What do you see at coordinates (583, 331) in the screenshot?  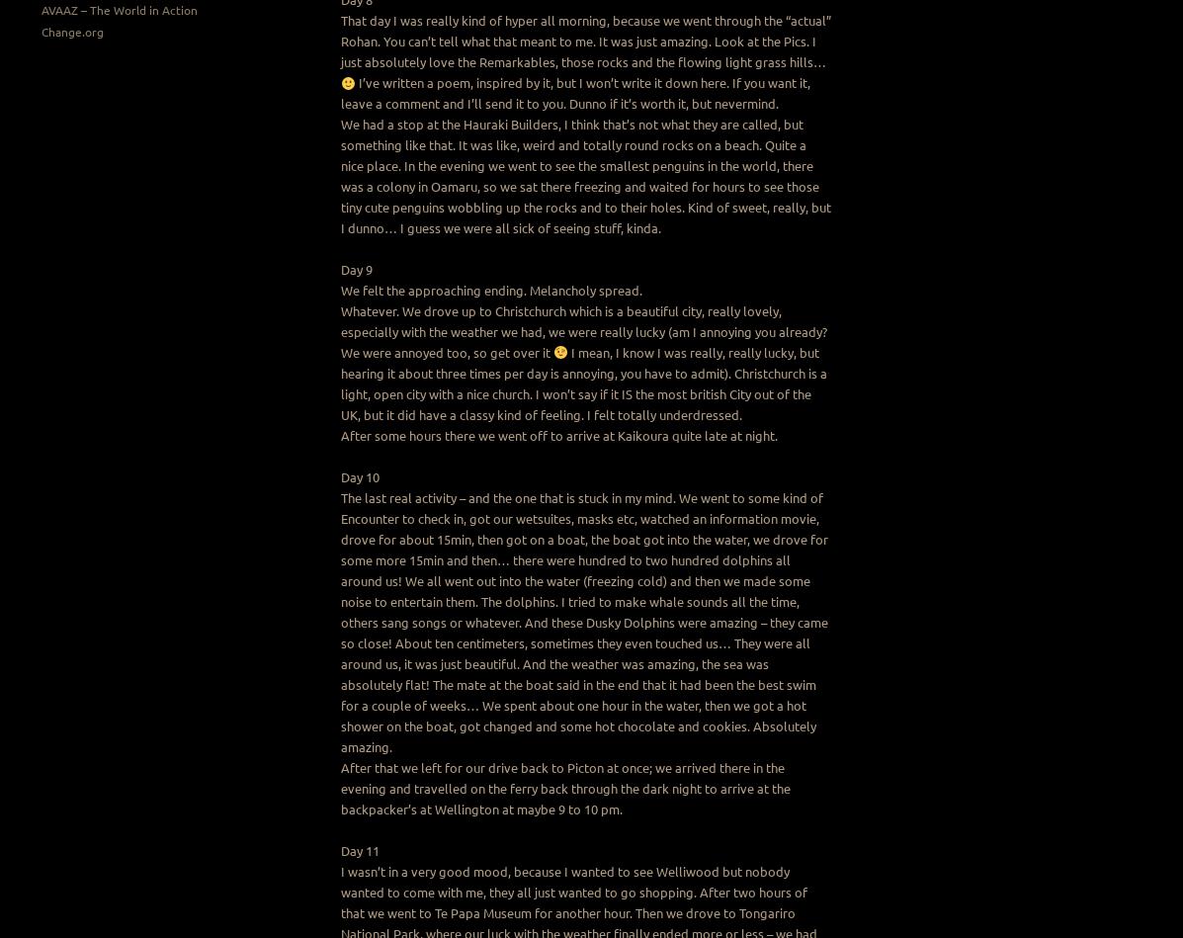 I see `'Whatever. We drove up to Christchurch which is a beautiful city, really lovely, especially with the weather we had, we were really lucky (am I annoying you already? We were annoyed too, so get over it'` at bounding box center [583, 331].